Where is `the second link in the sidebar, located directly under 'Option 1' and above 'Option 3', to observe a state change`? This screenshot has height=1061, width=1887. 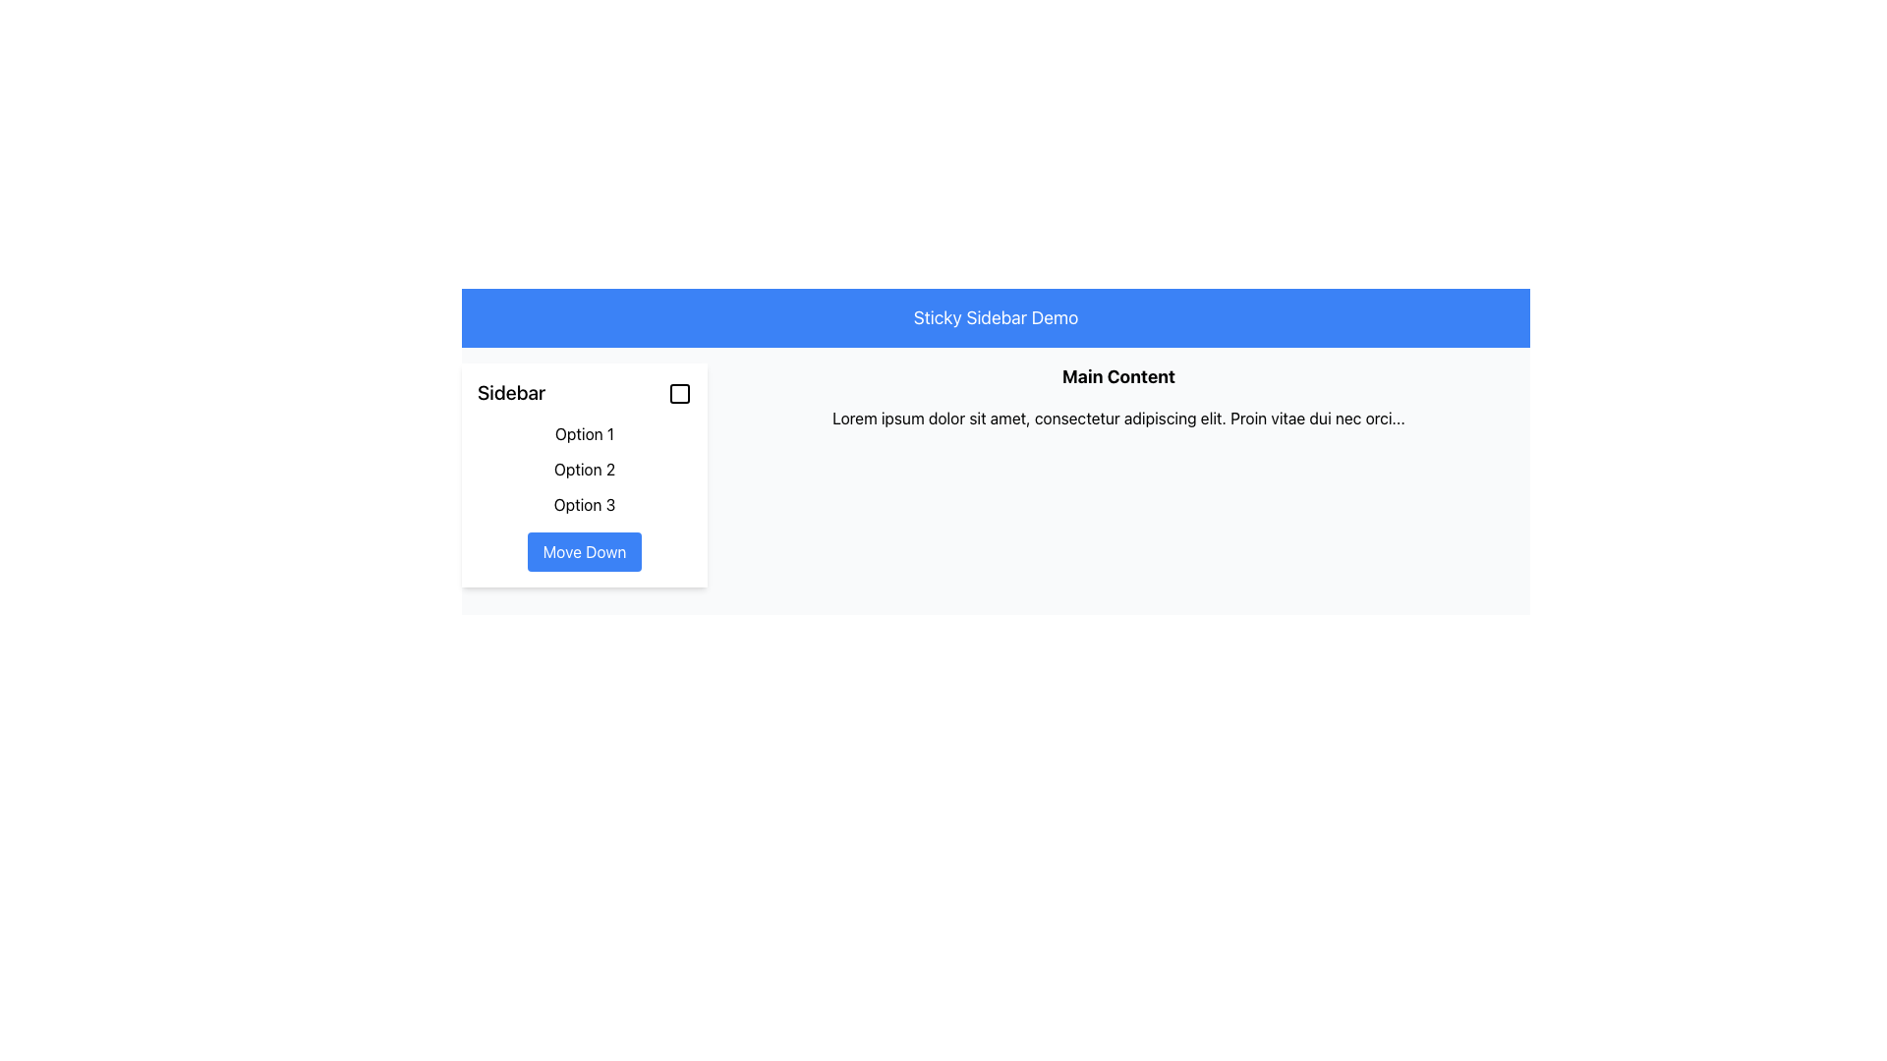
the second link in the sidebar, located directly under 'Option 1' and above 'Option 3', to observe a state change is located at coordinates (584, 470).